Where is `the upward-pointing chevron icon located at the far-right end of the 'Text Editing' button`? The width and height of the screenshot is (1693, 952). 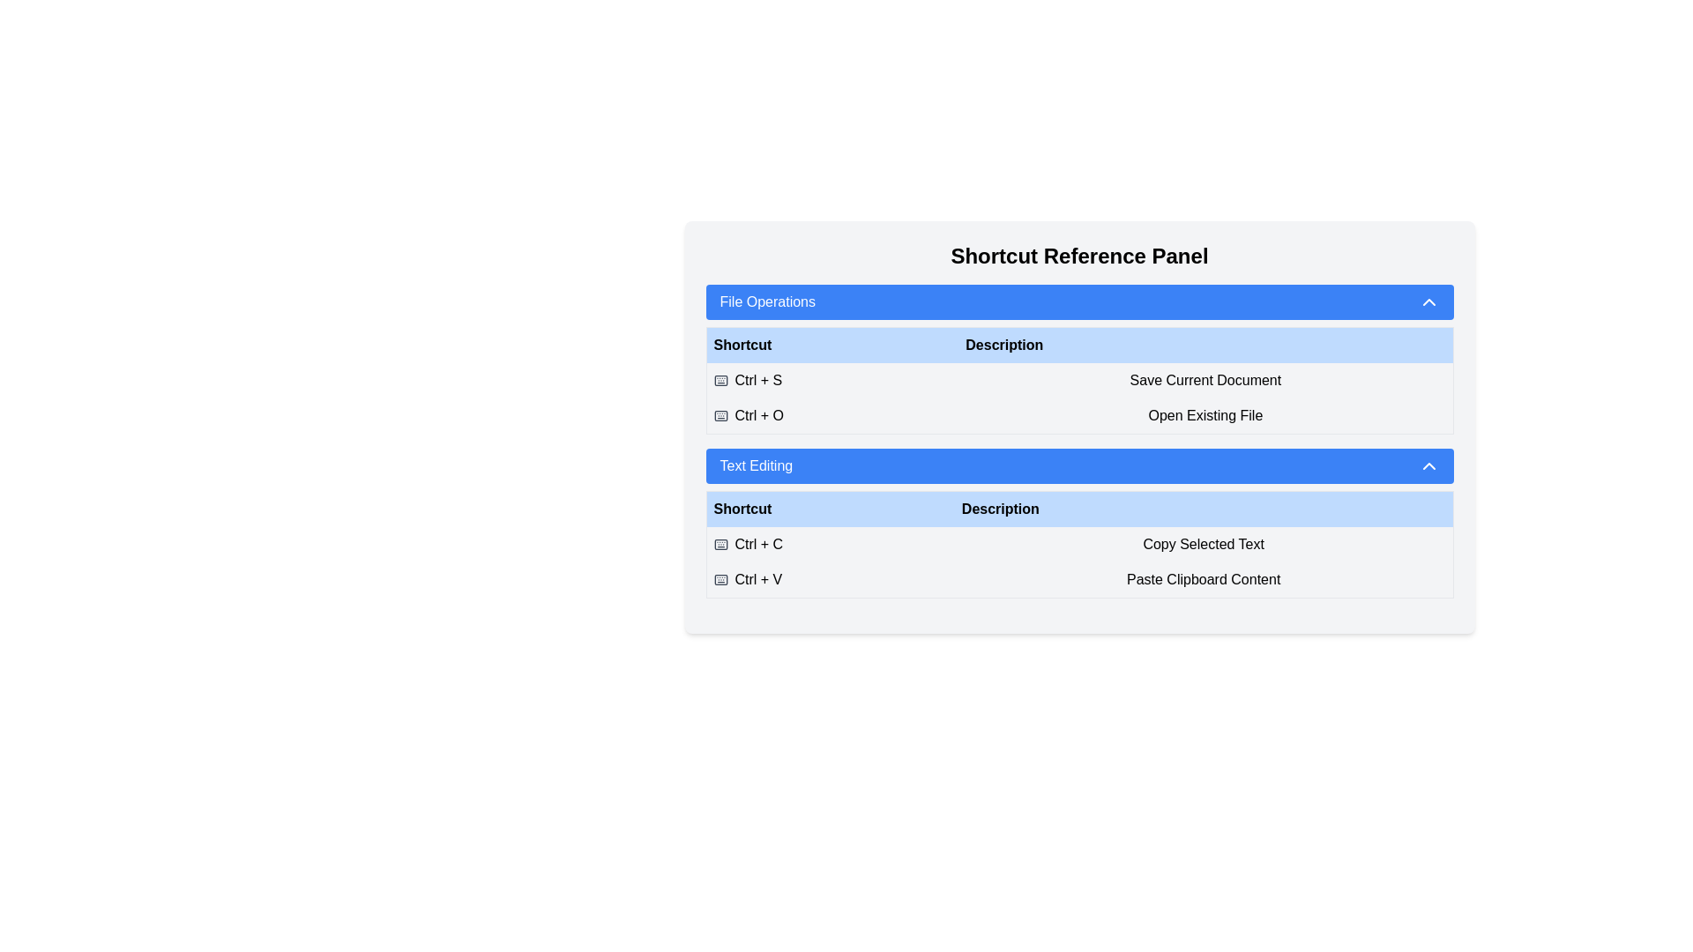
the upward-pointing chevron icon located at the far-right end of the 'Text Editing' button is located at coordinates (1428, 465).